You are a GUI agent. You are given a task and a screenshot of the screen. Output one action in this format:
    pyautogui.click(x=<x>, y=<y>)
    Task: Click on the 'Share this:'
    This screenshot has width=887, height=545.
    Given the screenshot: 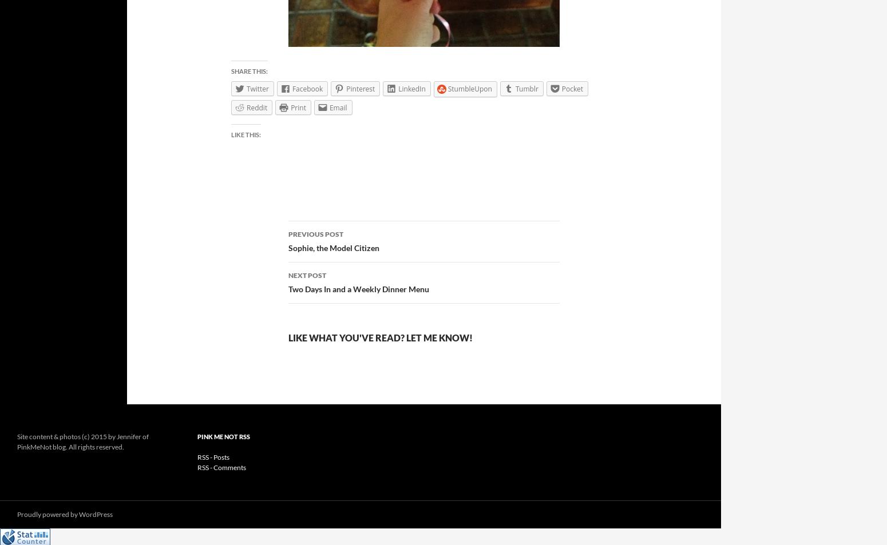 What is the action you would take?
    pyautogui.click(x=250, y=70)
    